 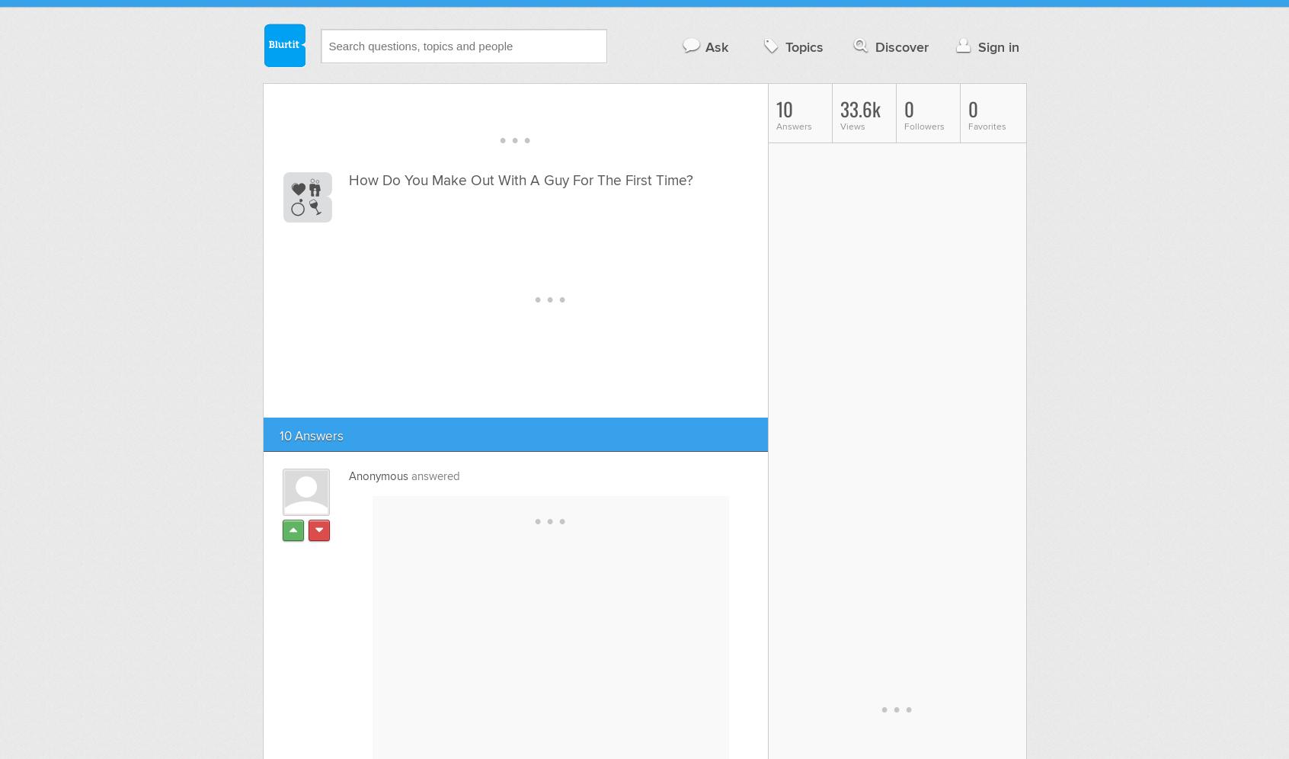 I want to click on 'Anonymous', so click(x=377, y=475).